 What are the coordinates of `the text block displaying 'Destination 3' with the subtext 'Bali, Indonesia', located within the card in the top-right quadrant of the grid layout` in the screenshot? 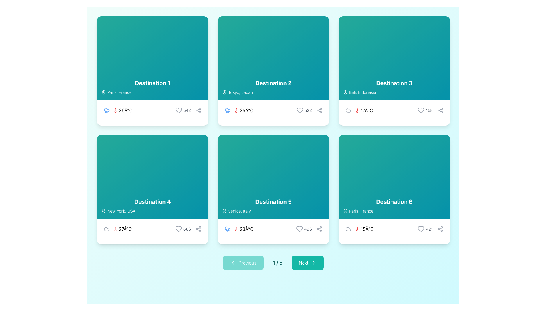 It's located at (394, 87).